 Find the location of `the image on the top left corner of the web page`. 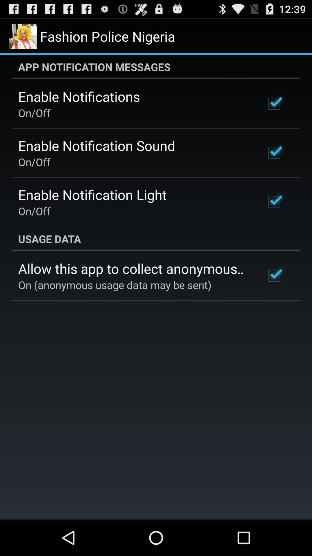

the image on the top left corner of the web page is located at coordinates (23, 36).